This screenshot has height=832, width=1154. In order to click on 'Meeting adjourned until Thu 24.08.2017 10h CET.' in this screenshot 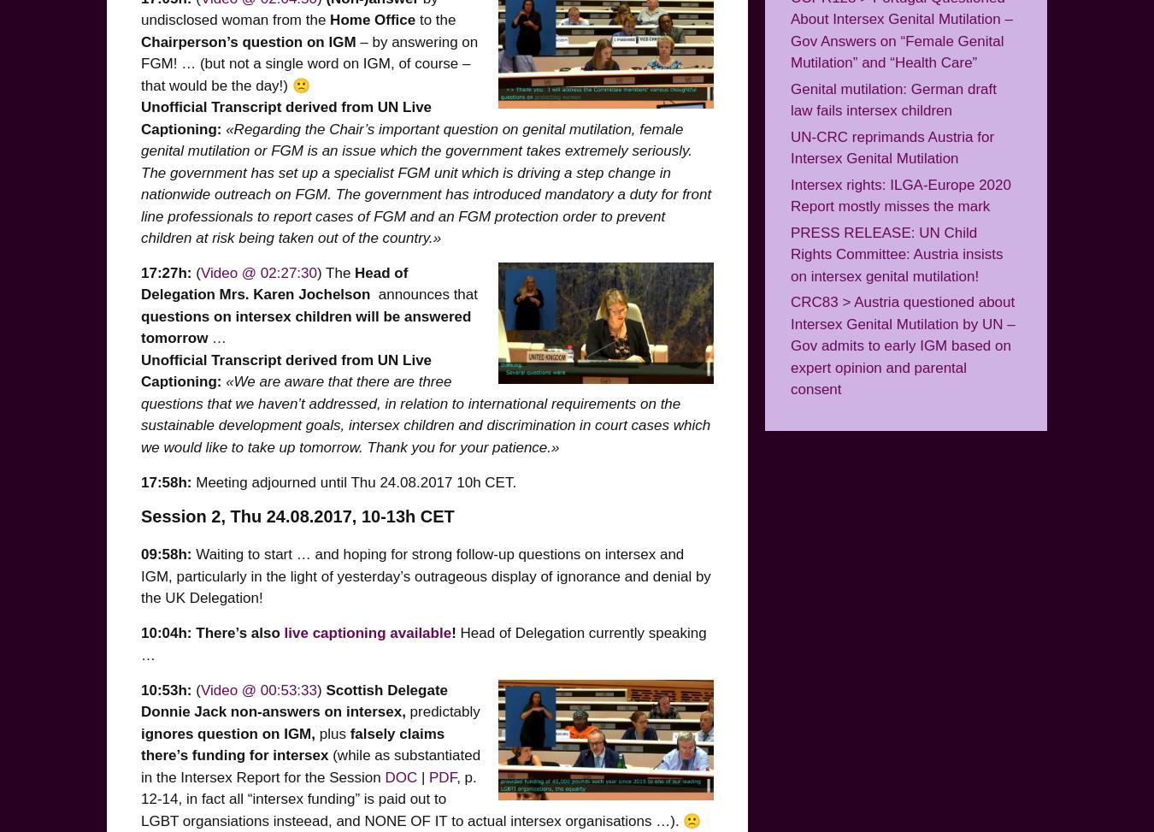, I will do `click(354, 481)`.